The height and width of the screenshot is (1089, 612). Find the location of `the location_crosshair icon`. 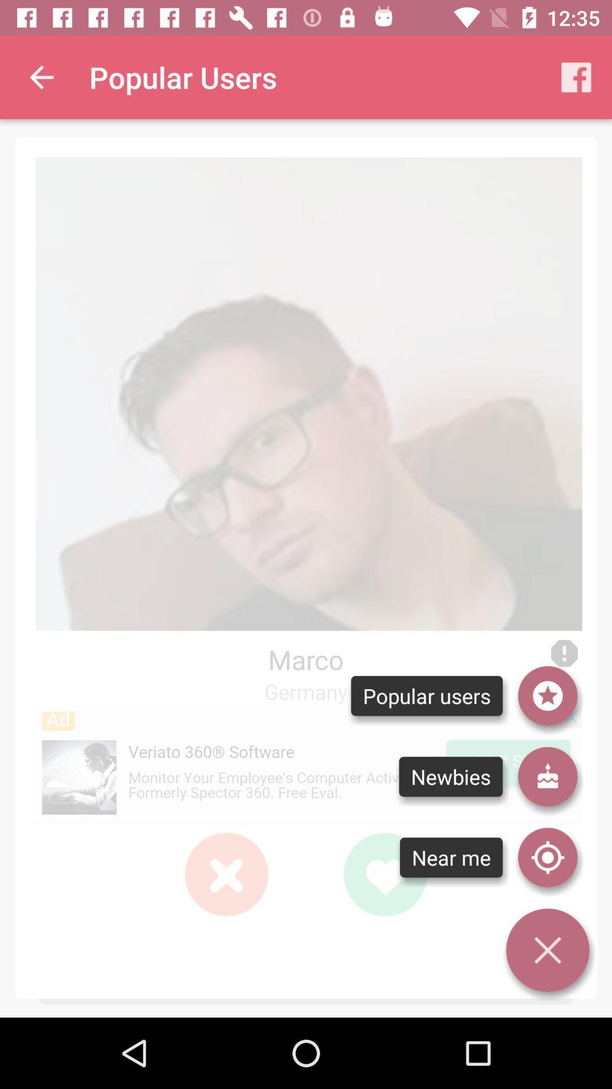

the location_crosshair icon is located at coordinates (547, 858).